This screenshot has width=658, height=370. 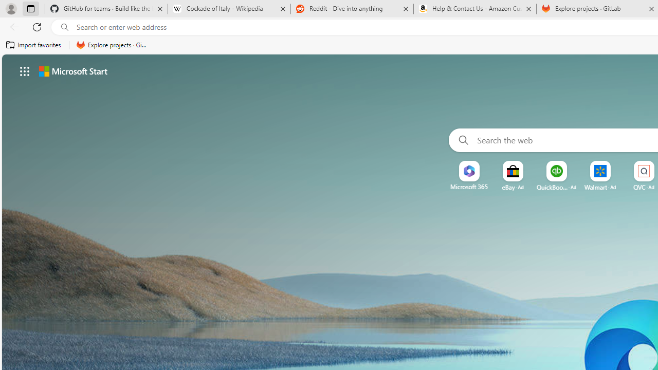 What do you see at coordinates (33, 45) in the screenshot?
I see `'Import favorites'` at bounding box center [33, 45].